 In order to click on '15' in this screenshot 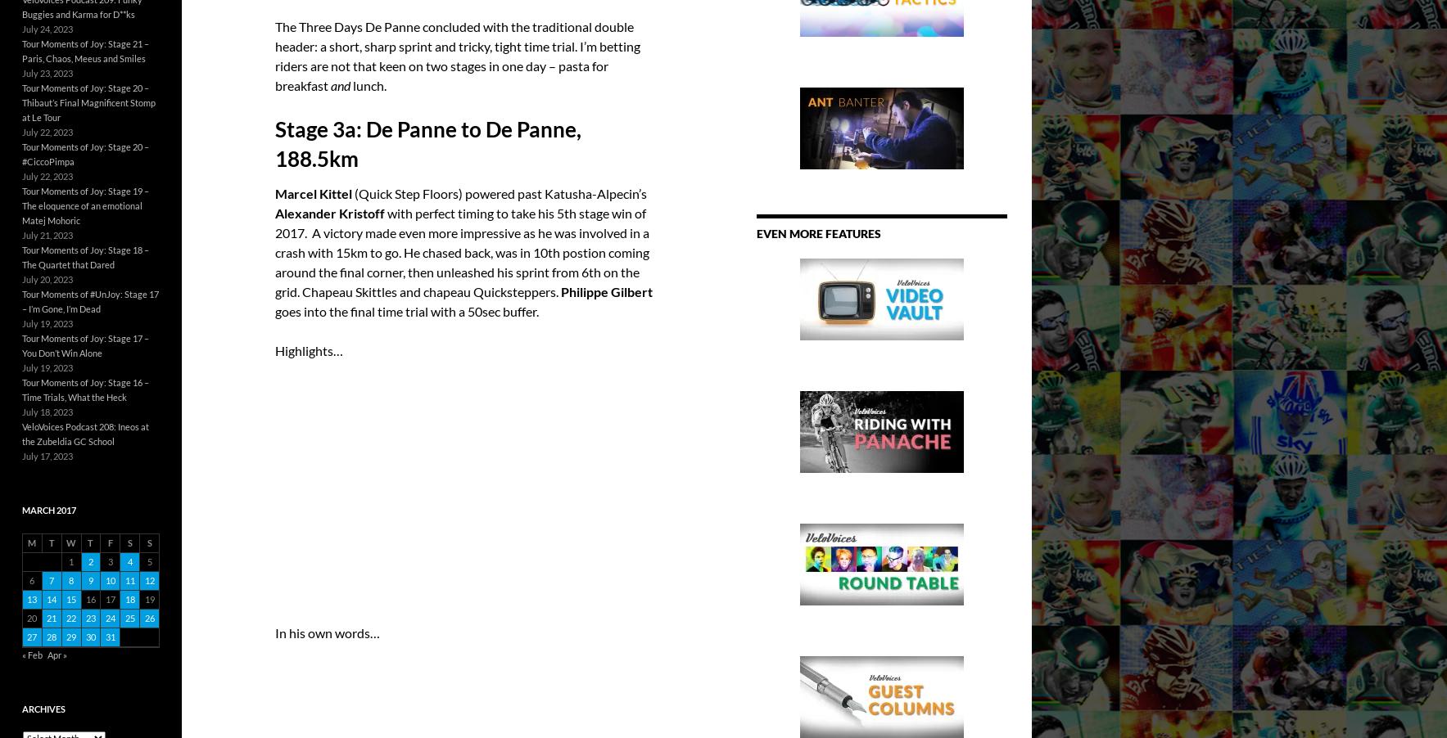, I will do `click(70, 598)`.